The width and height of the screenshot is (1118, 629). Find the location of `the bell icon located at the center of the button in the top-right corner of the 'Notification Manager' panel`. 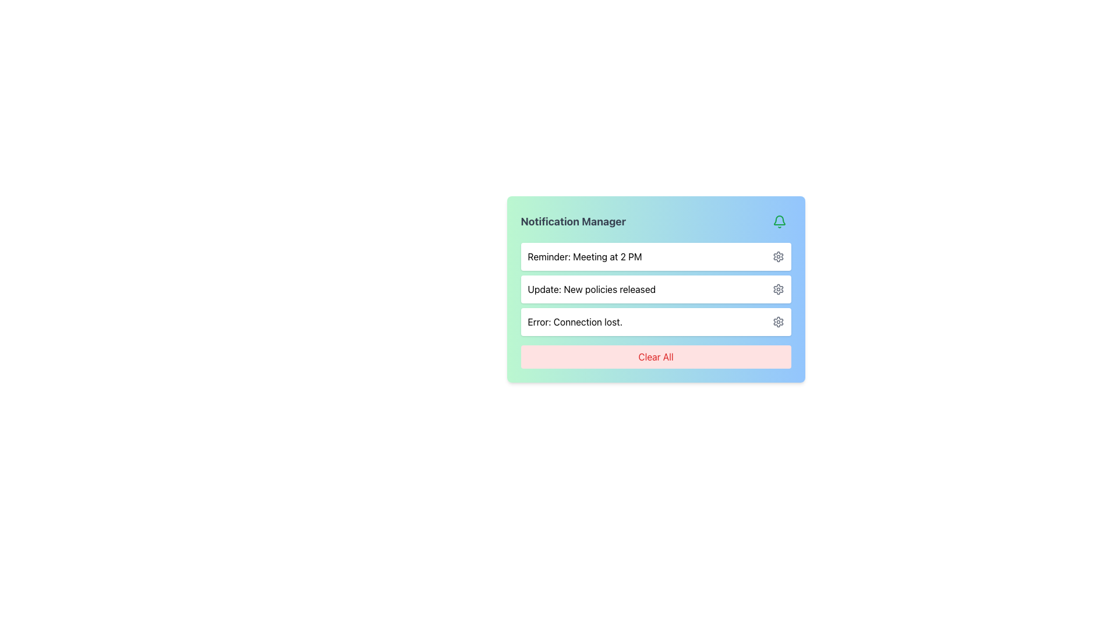

the bell icon located at the center of the button in the top-right corner of the 'Notification Manager' panel is located at coordinates (779, 222).